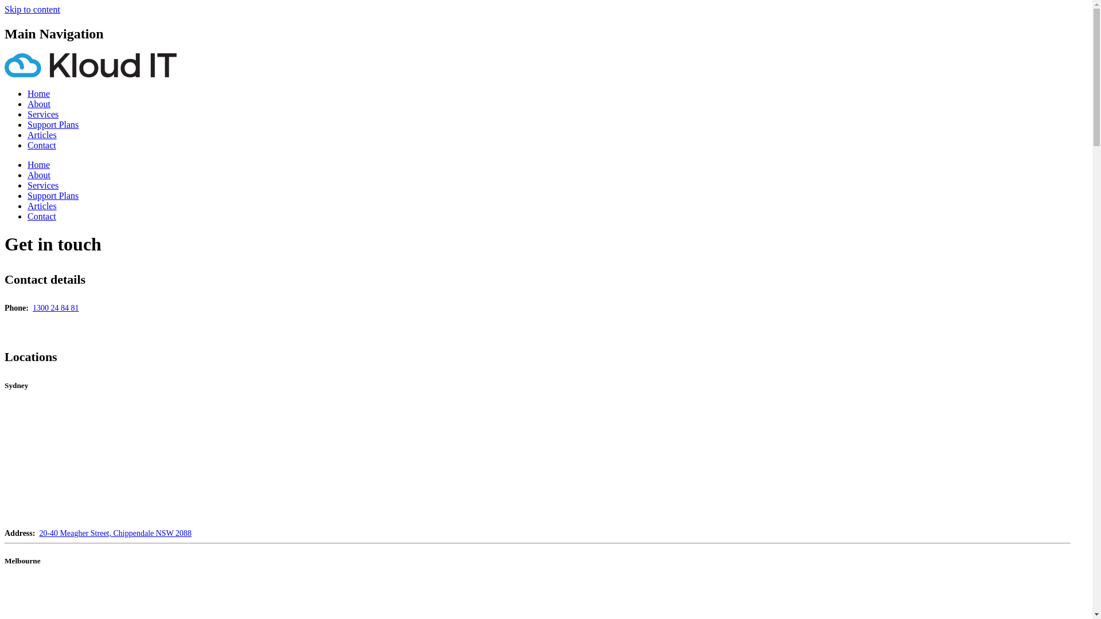  I want to click on 'Services', so click(43, 114).